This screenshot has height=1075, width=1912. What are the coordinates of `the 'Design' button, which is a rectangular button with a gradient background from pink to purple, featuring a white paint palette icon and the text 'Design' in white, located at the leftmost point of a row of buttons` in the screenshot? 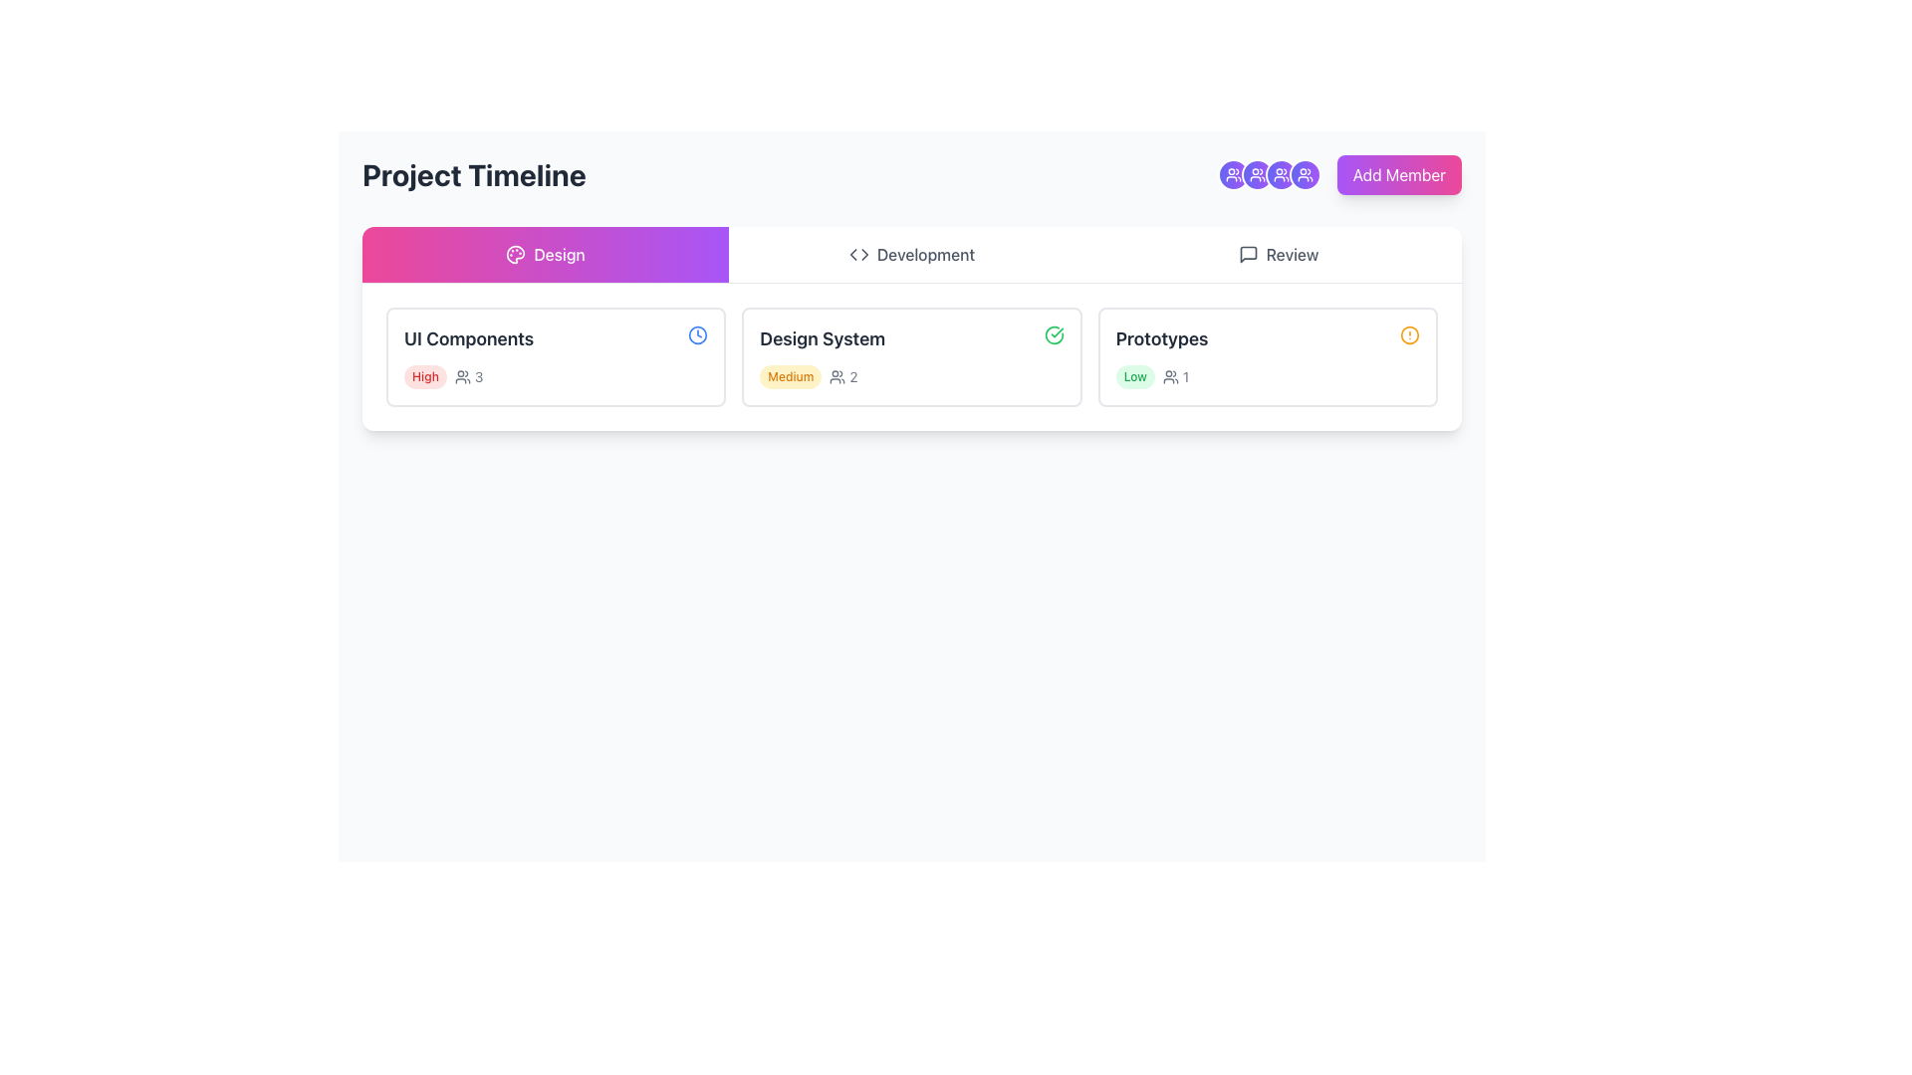 It's located at (545, 253).